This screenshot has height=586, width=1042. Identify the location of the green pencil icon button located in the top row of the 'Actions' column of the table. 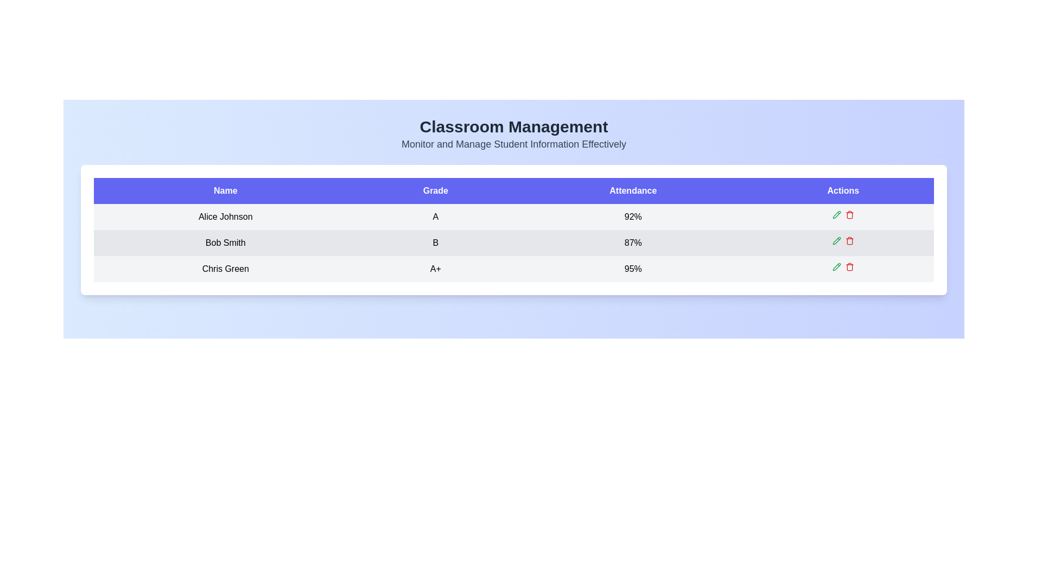
(836, 215).